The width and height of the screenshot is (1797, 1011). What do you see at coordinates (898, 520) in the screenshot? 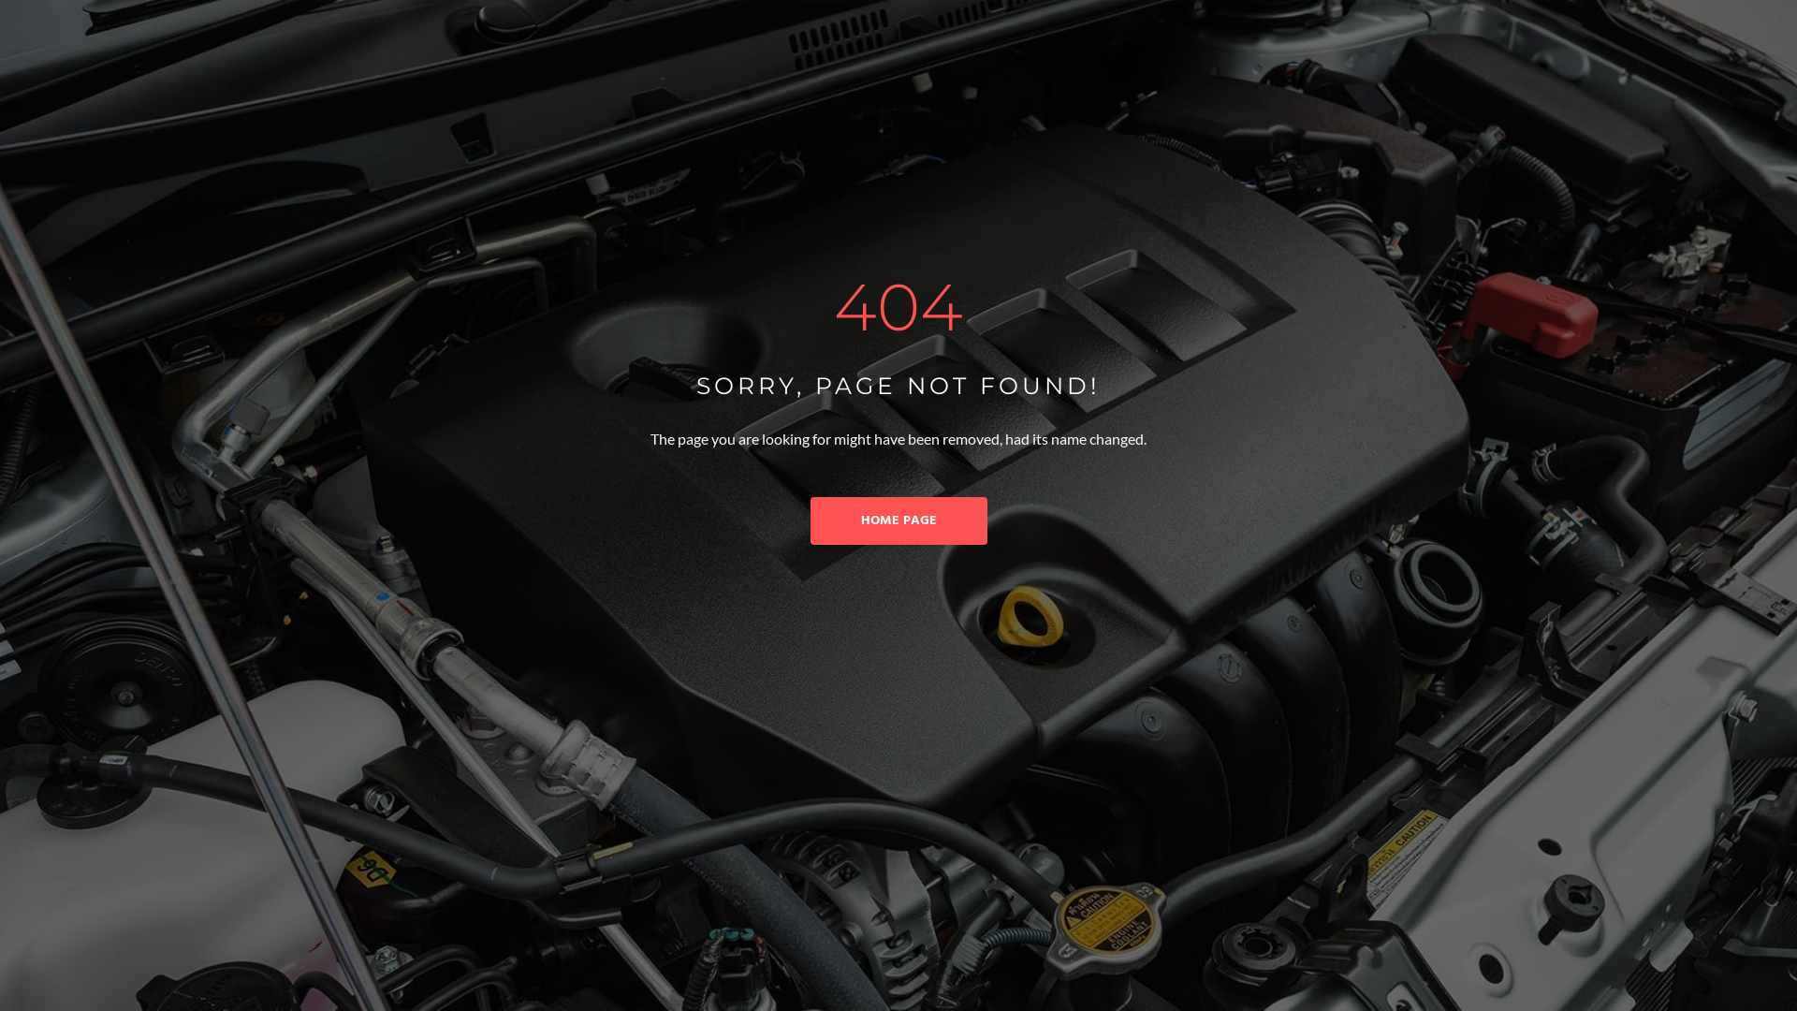
I see `'HOME PAGE'` at bounding box center [898, 520].